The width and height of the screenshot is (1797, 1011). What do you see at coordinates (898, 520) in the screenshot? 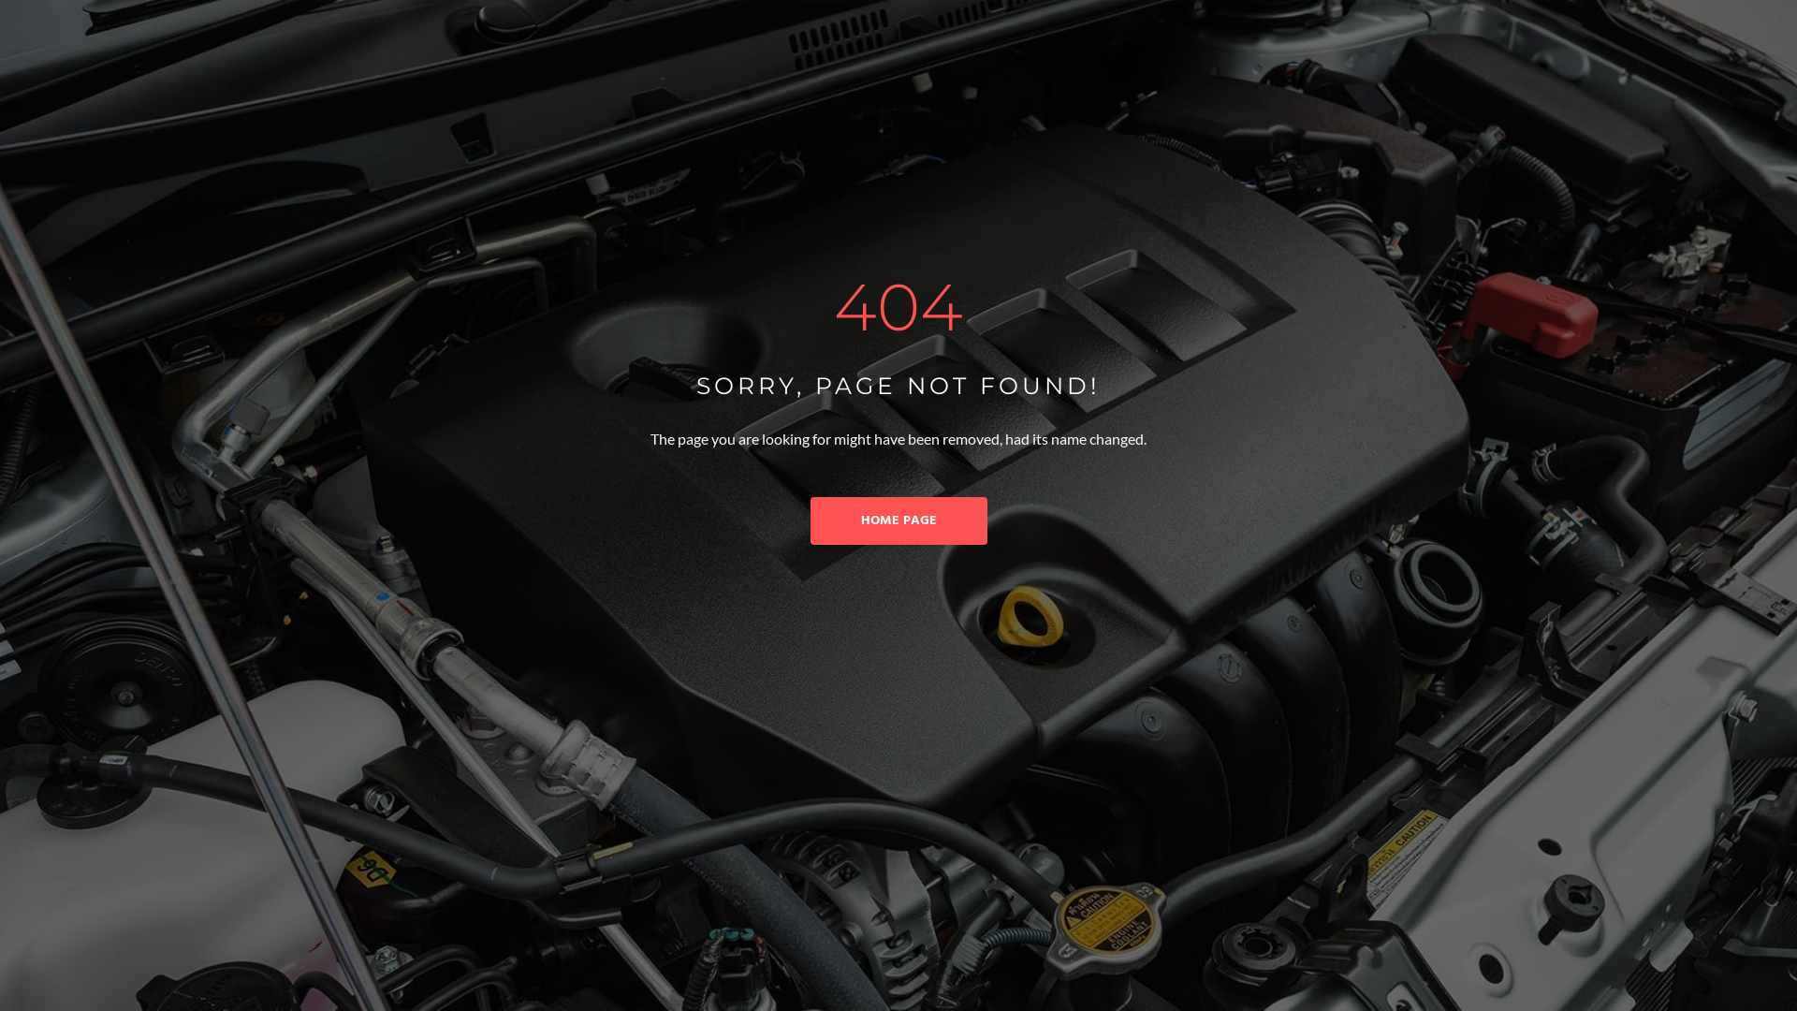
I see `'HOME PAGE'` at bounding box center [898, 520].